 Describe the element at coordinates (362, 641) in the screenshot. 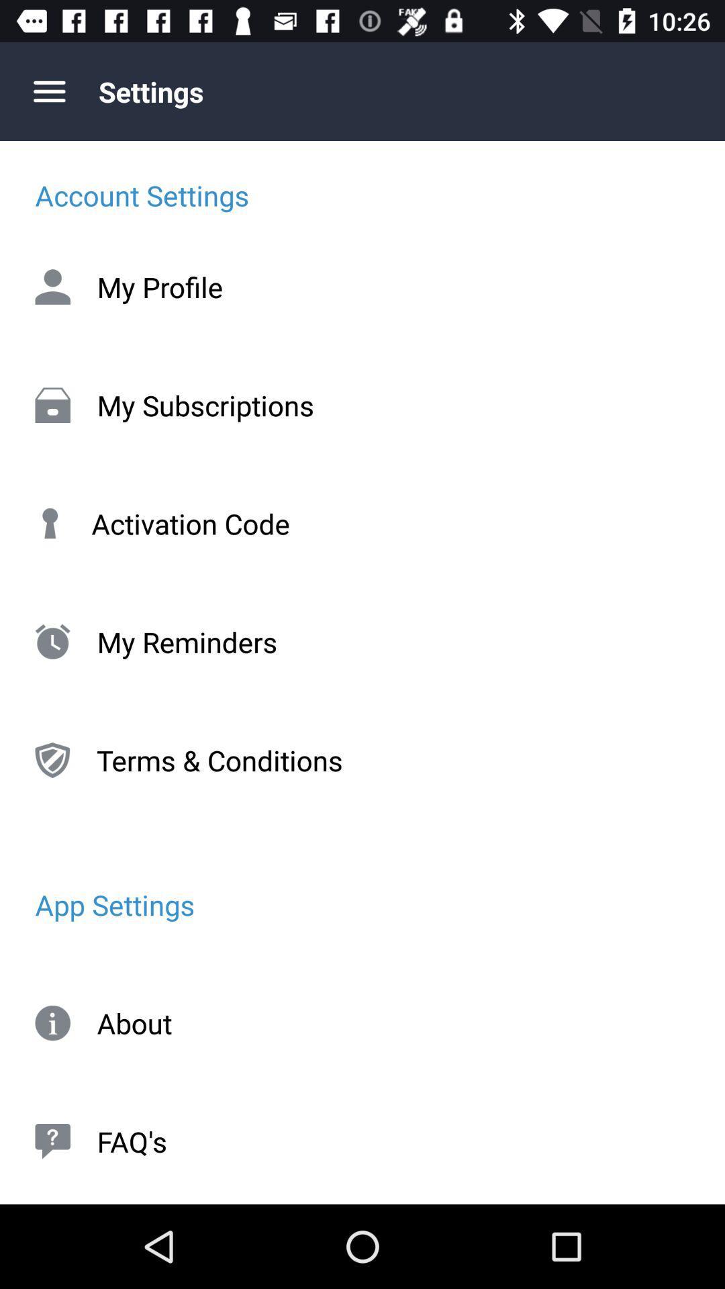

I see `the icon above terms & conditions icon` at that location.